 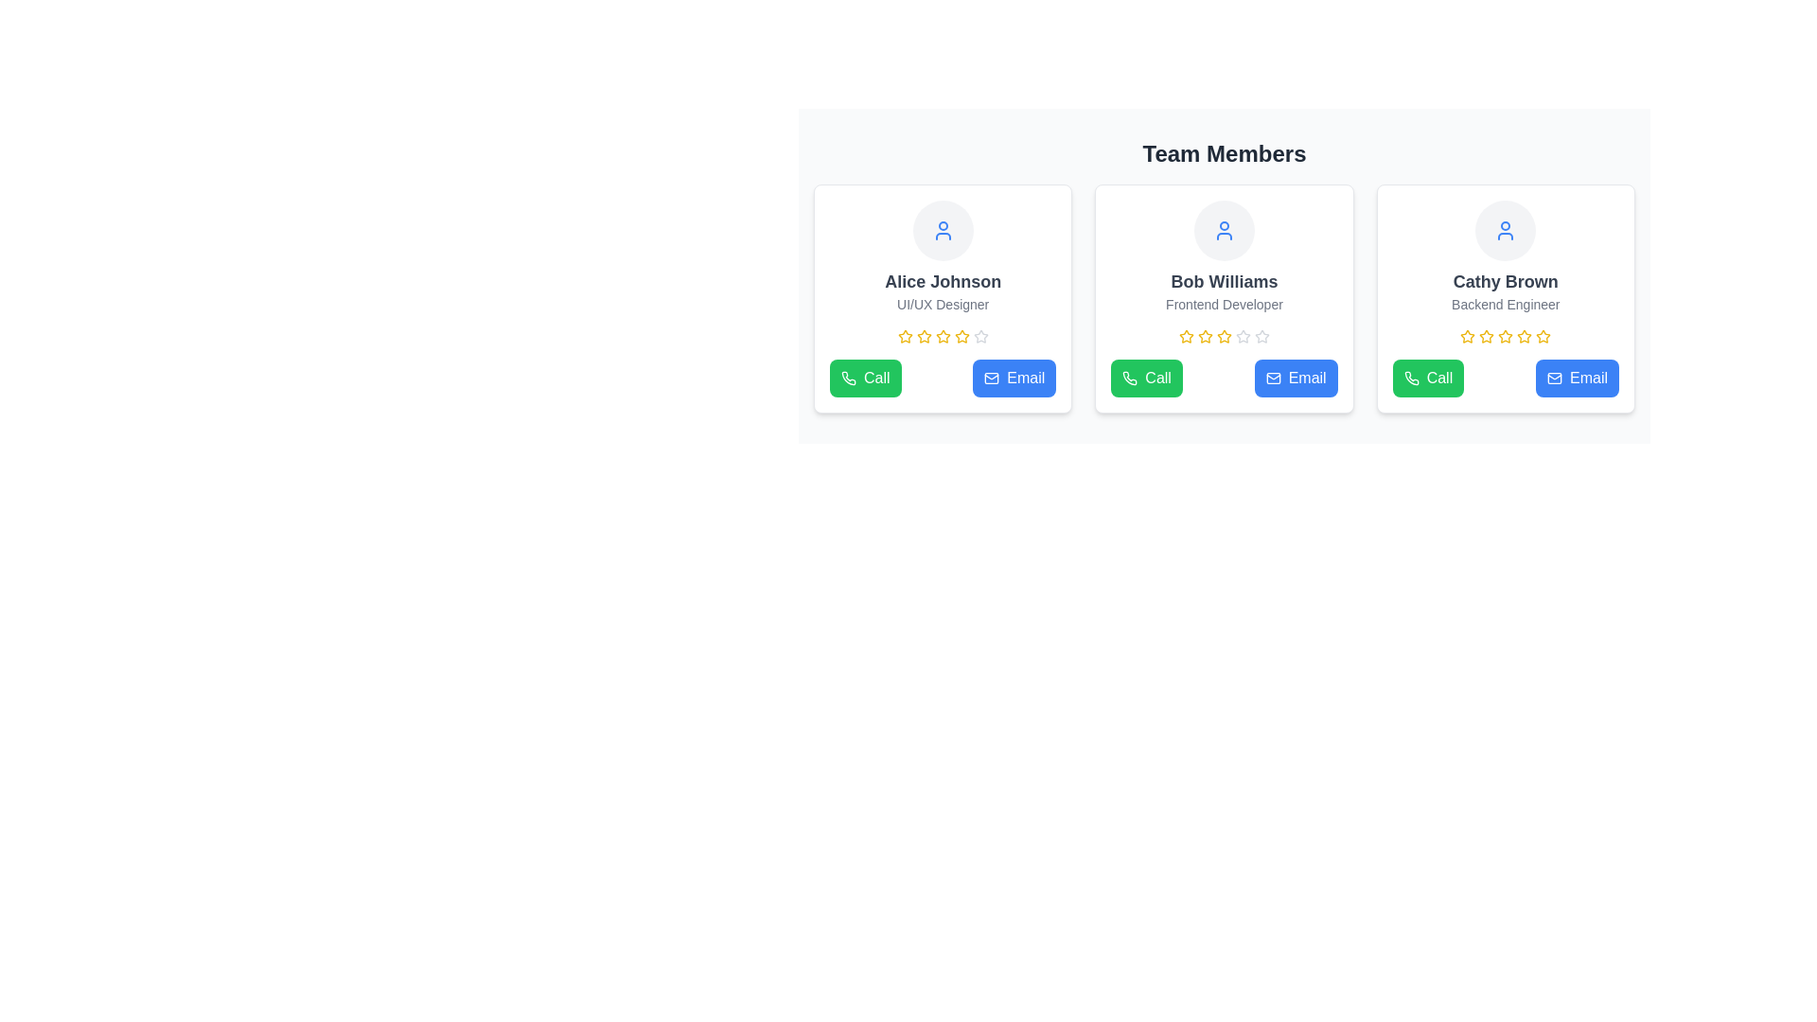 What do you see at coordinates (1014, 379) in the screenshot?
I see `the 'Email' button located in the bottom-right corner of the card associated with 'Alice Johnson' for visual feedback` at bounding box center [1014, 379].